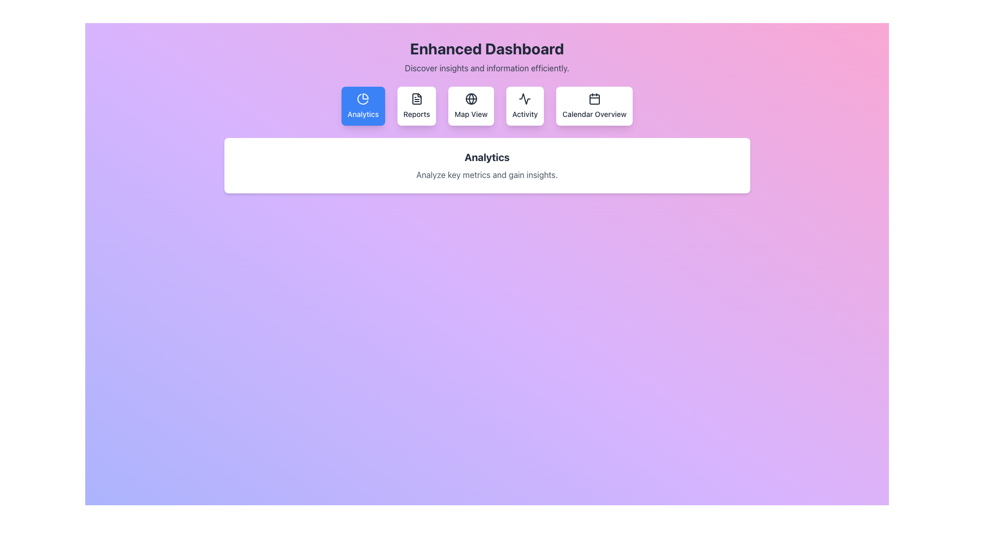 The width and height of the screenshot is (986, 554). Describe the element at coordinates (363, 98) in the screenshot. I see `the Analytics icon located inside the first blue button under the 'Enhanced Dashboard' label` at that location.